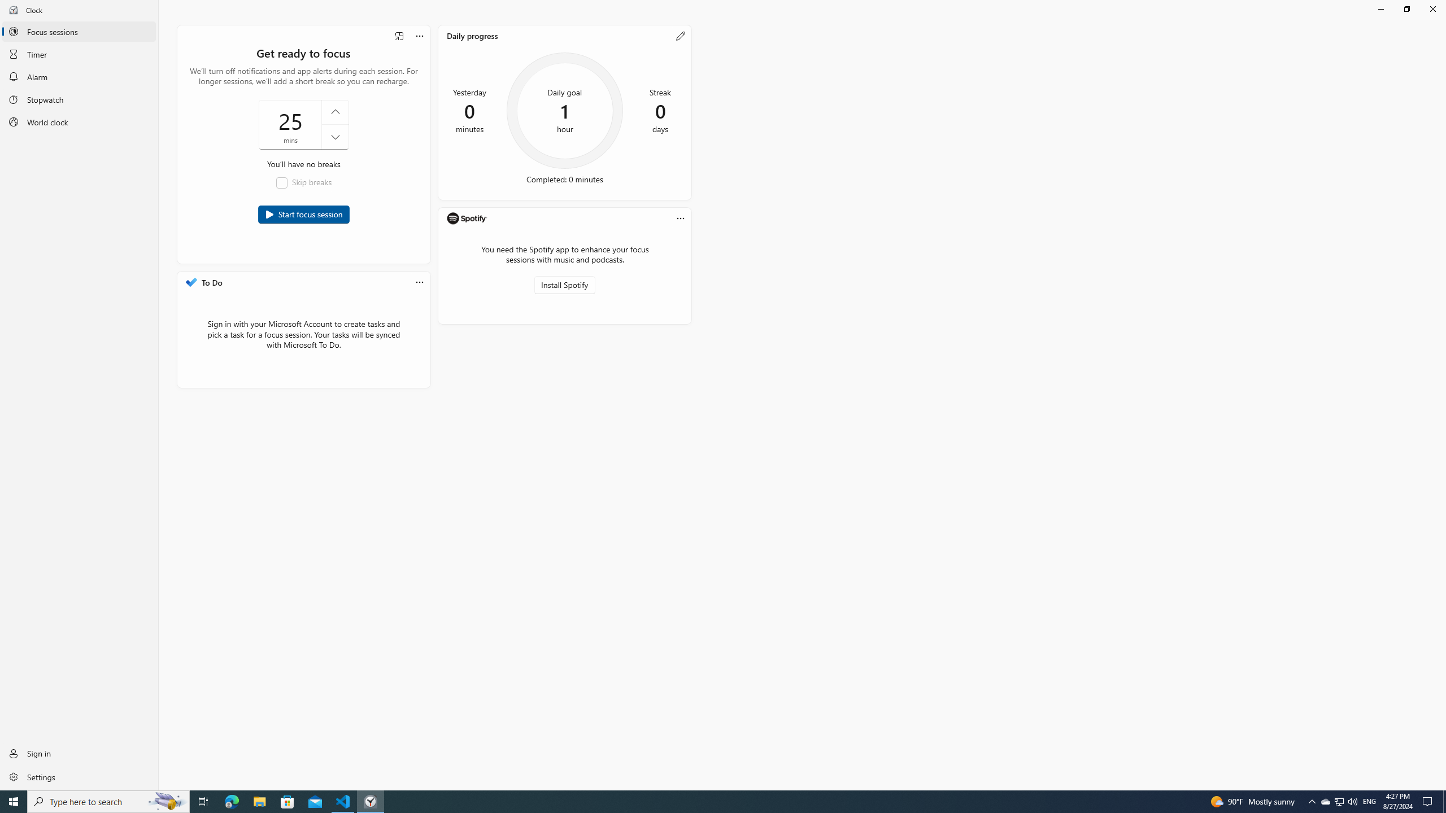 Image resolution: width=1446 pixels, height=813 pixels. I want to click on 'Minimize Clock', so click(1380, 8).